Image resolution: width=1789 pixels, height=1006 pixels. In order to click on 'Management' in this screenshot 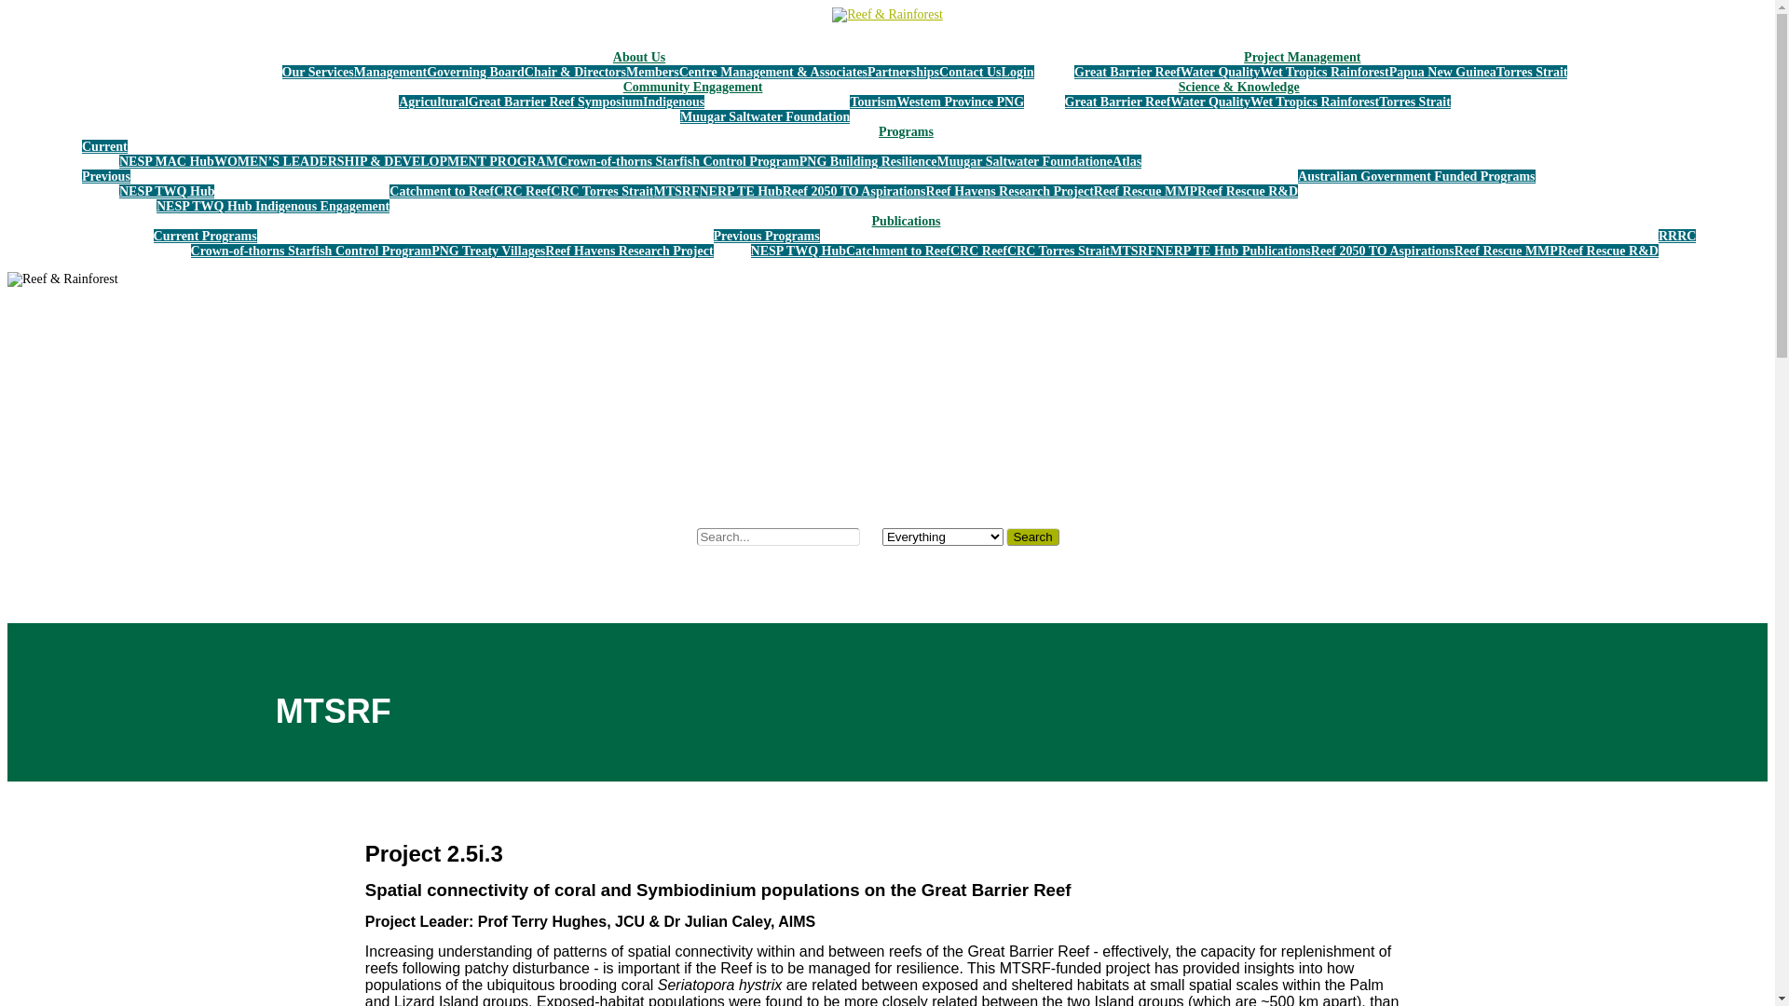, I will do `click(389, 71)`.